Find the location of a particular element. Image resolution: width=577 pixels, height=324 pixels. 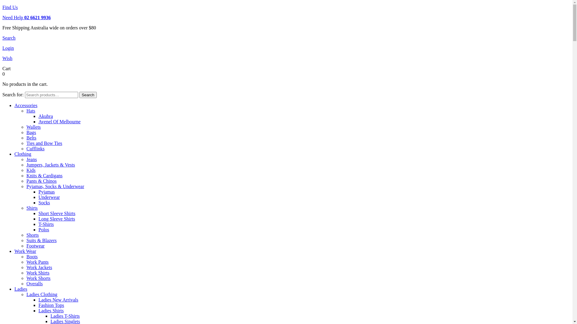

'Hats' is located at coordinates (26, 111).